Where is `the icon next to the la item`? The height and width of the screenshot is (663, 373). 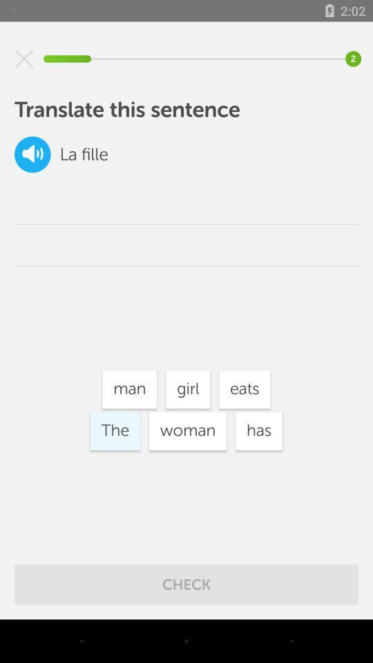
the icon next to the la item is located at coordinates (32, 154).